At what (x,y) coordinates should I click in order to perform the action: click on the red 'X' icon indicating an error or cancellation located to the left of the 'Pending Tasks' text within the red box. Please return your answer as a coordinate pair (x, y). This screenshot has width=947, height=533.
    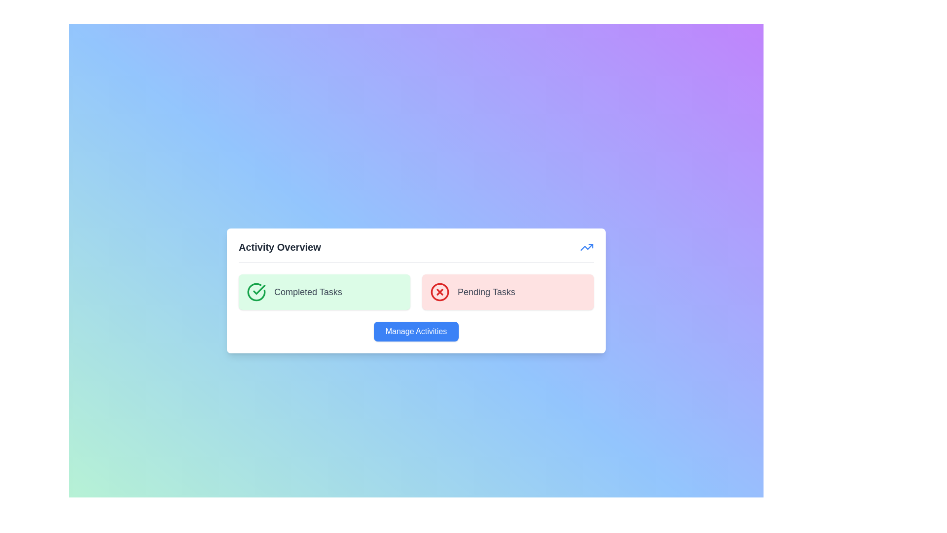
    Looking at the image, I should click on (439, 291).